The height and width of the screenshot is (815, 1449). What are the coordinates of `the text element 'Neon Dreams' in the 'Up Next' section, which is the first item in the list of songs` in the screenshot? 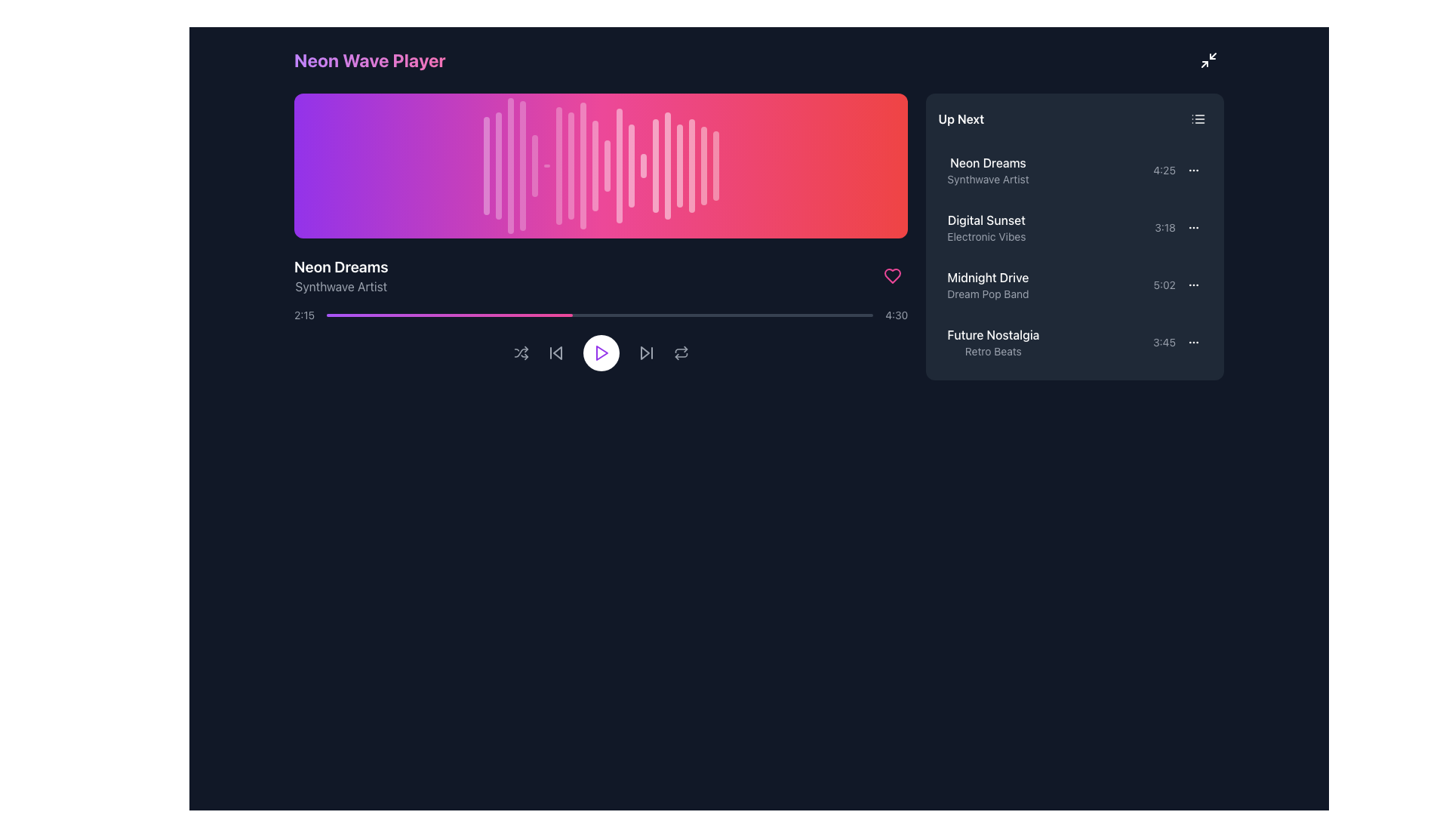 It's located at (988, 170).